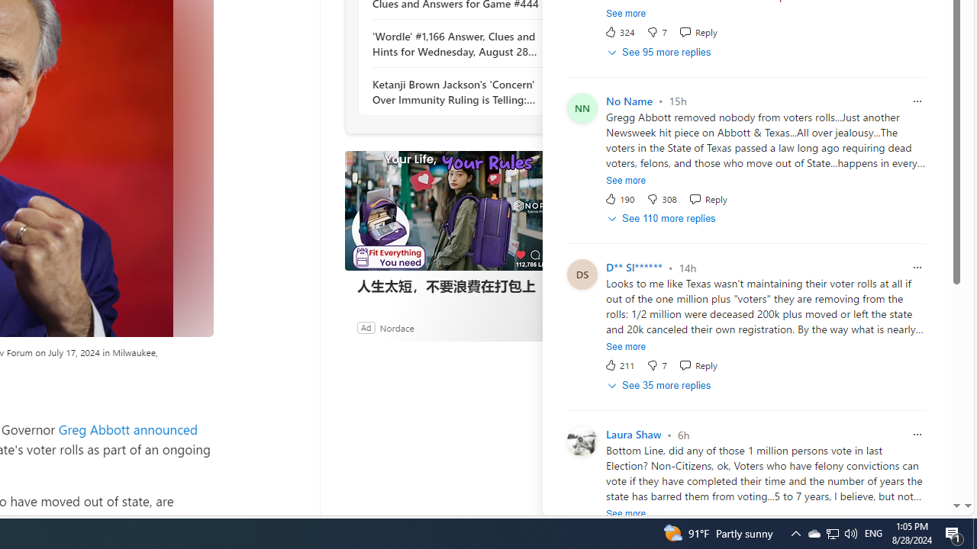 This screenshot has height=549, width=977. I want to click on '211 Like', so click(619, 365).